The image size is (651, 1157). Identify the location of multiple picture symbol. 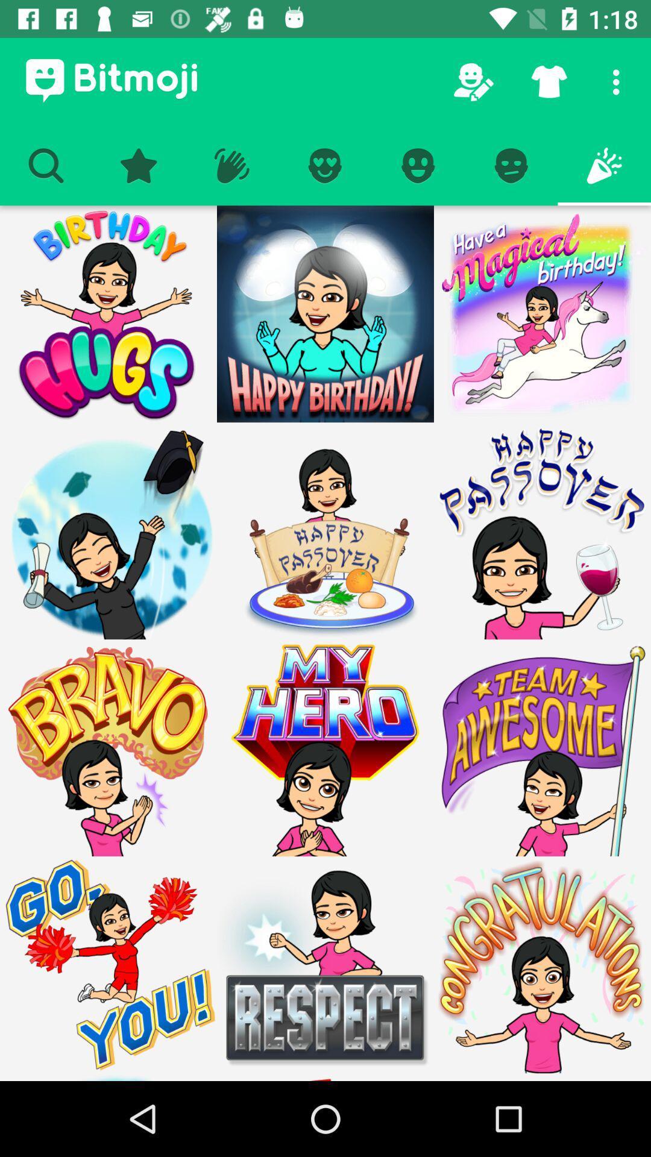
(108, 965).